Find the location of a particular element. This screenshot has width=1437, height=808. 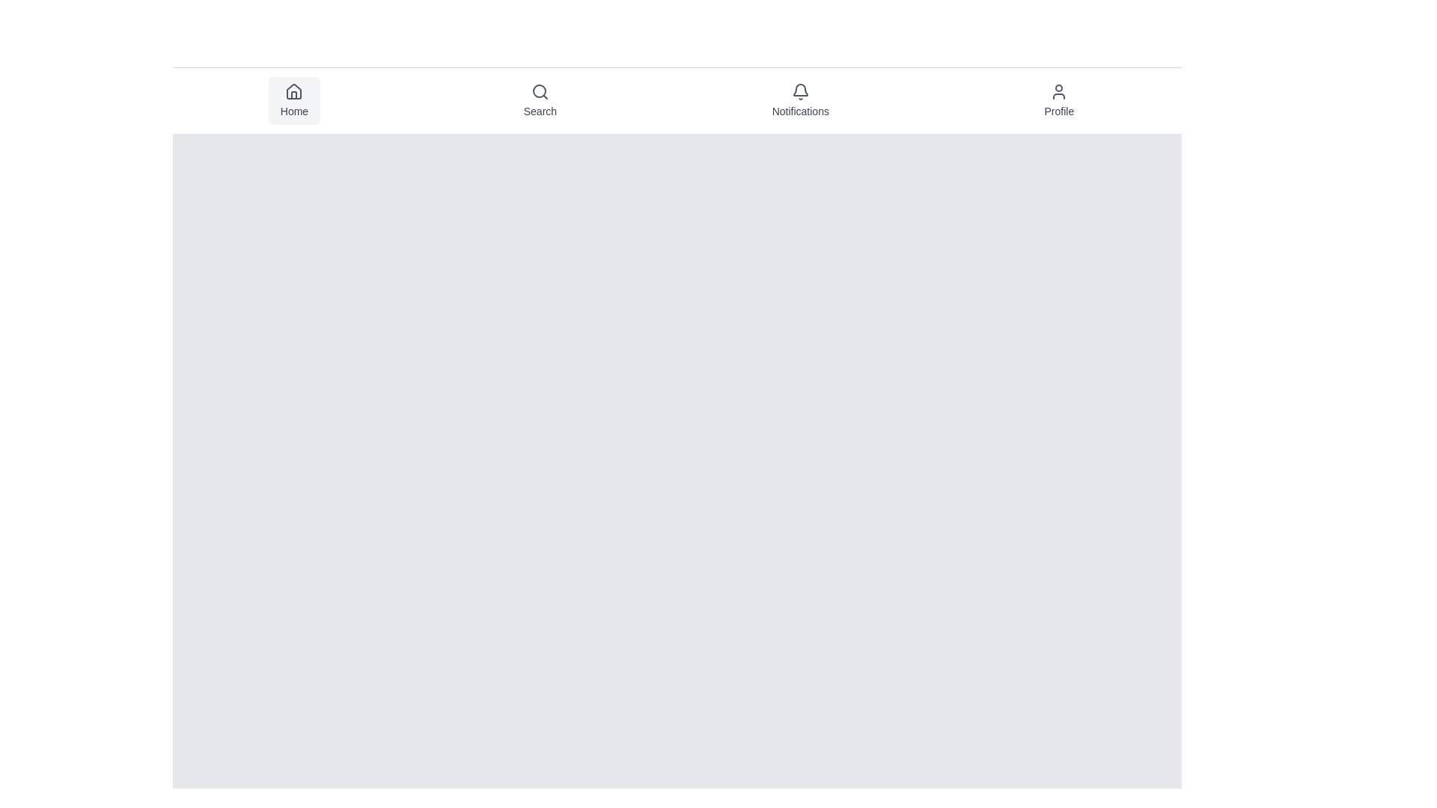

the decorative circle in the magnifying glass icon of the 'Search' button located in the navigation bar is located at coordinates (539, 91).